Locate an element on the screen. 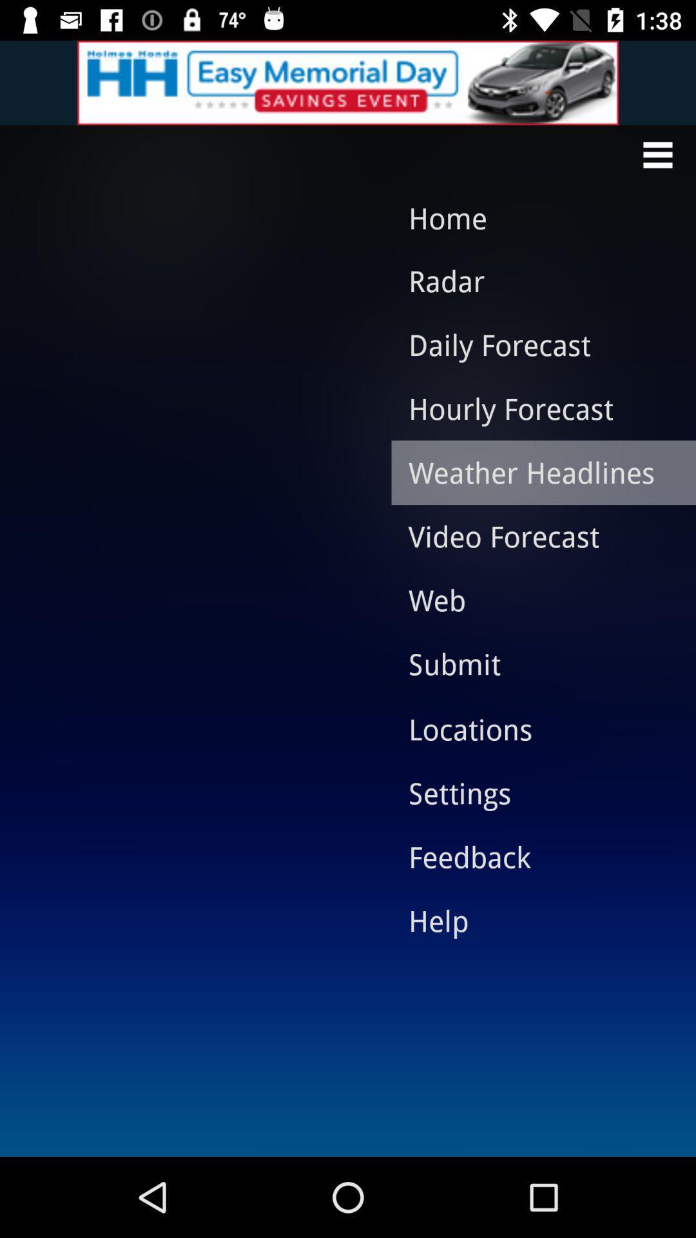  radar item is located at coordinates (534, 280).